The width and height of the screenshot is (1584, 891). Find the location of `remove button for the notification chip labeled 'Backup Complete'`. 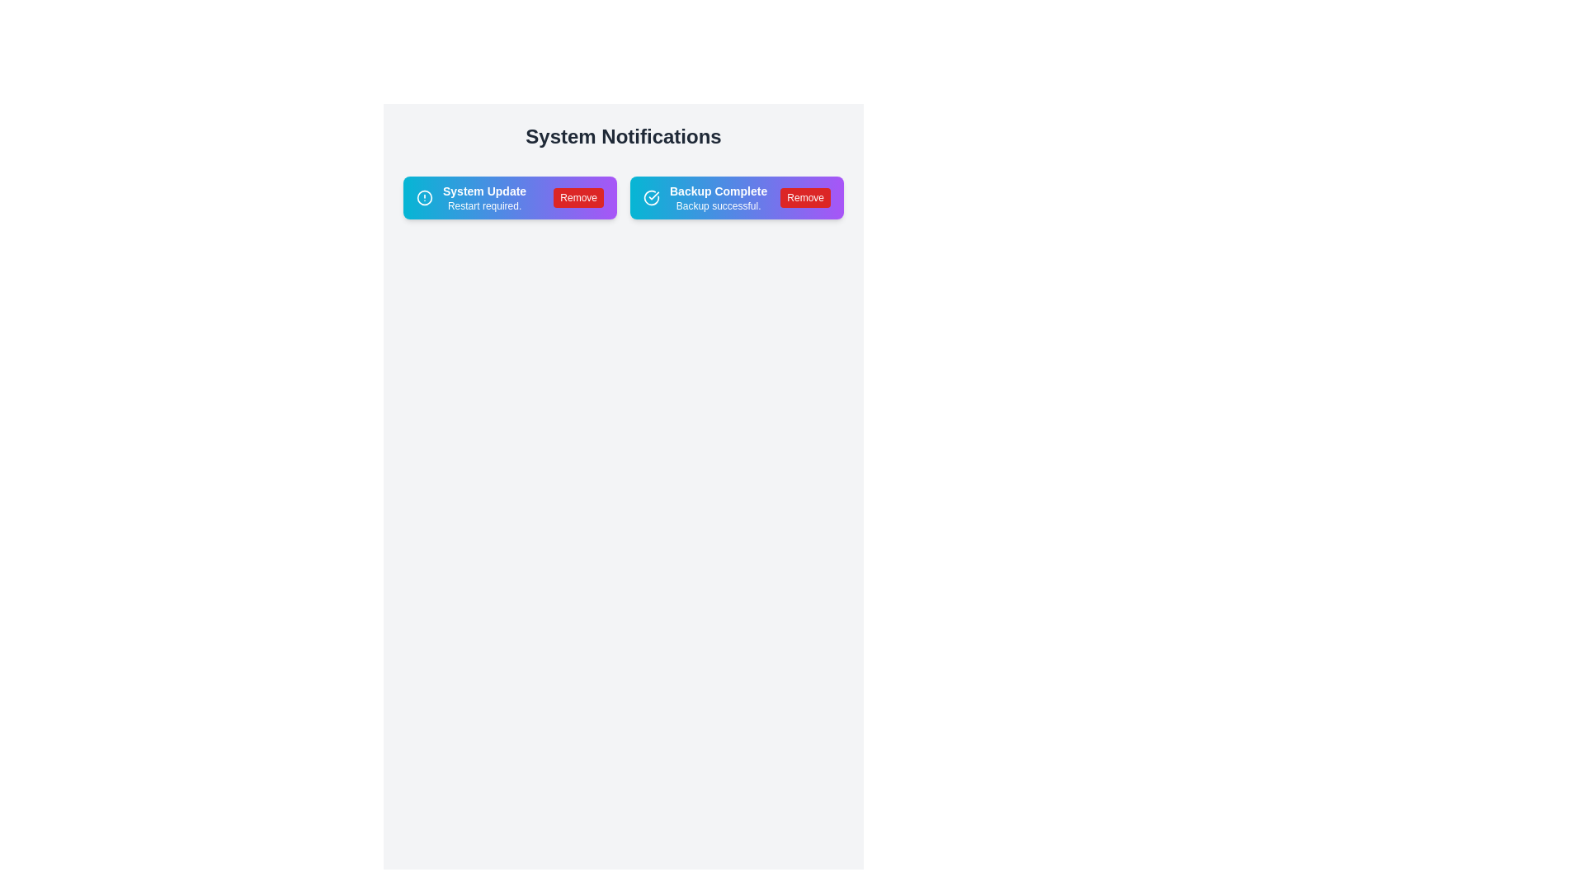

remove button for the notification chip labeled 'Backup Complete' is located at coordinates (805, 196).